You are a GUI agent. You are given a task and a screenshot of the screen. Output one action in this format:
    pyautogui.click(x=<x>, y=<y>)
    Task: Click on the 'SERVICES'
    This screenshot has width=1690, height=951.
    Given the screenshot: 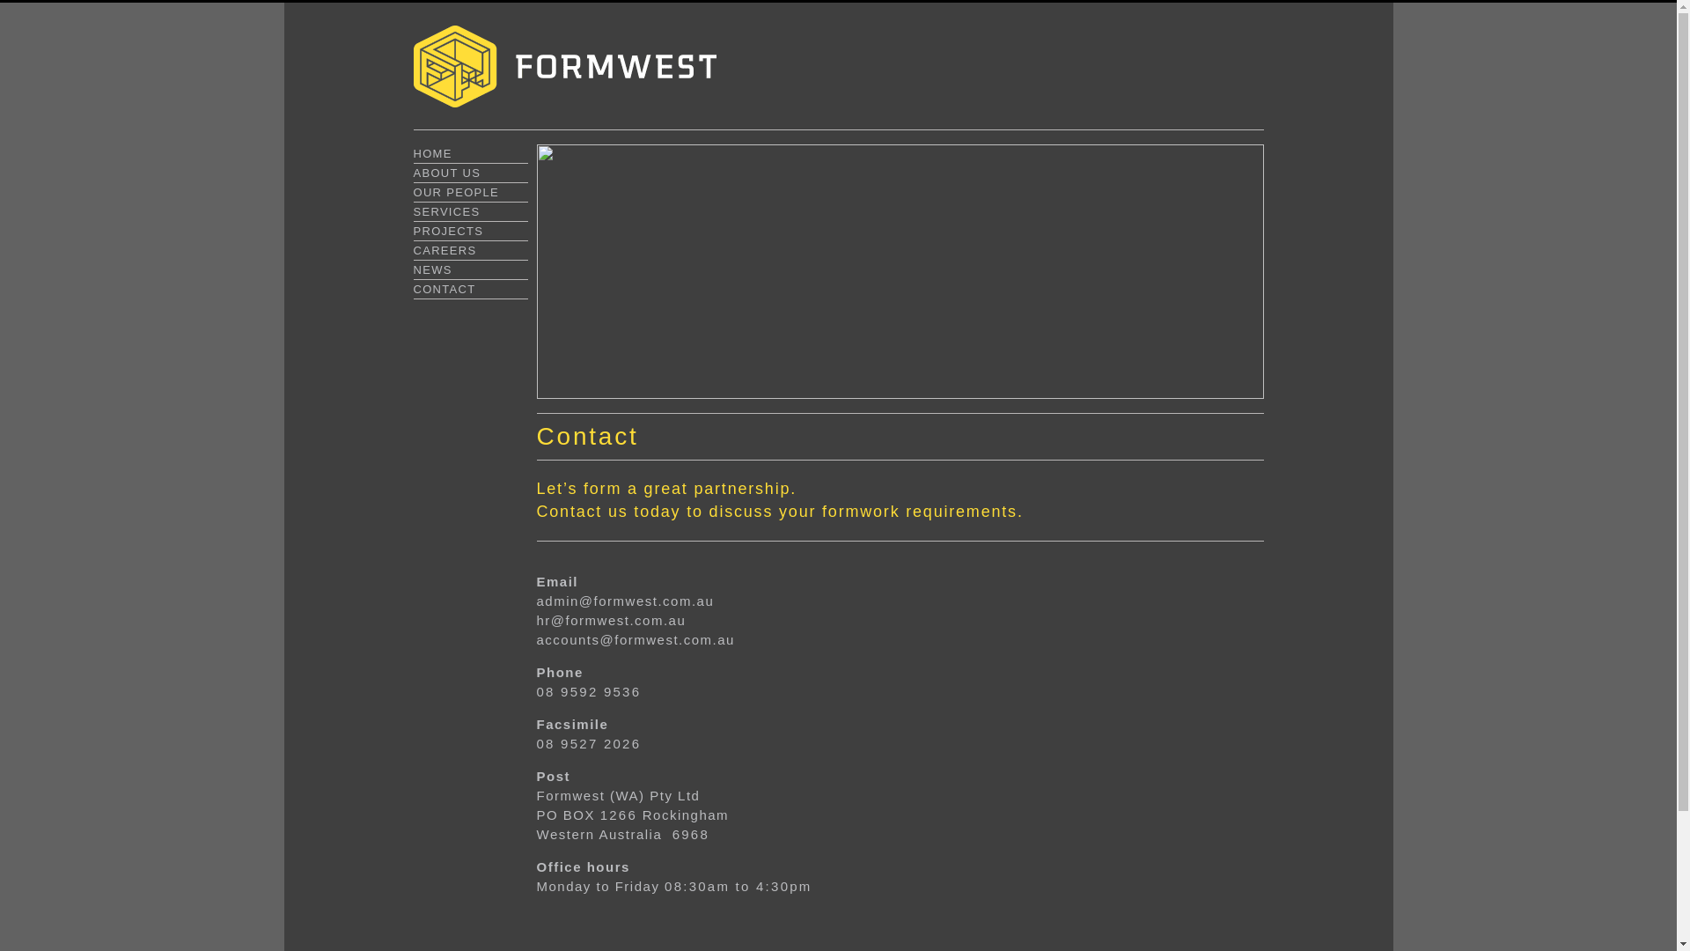 What is the action you would take?
    pyautogui.click(x=447, y=209)
    